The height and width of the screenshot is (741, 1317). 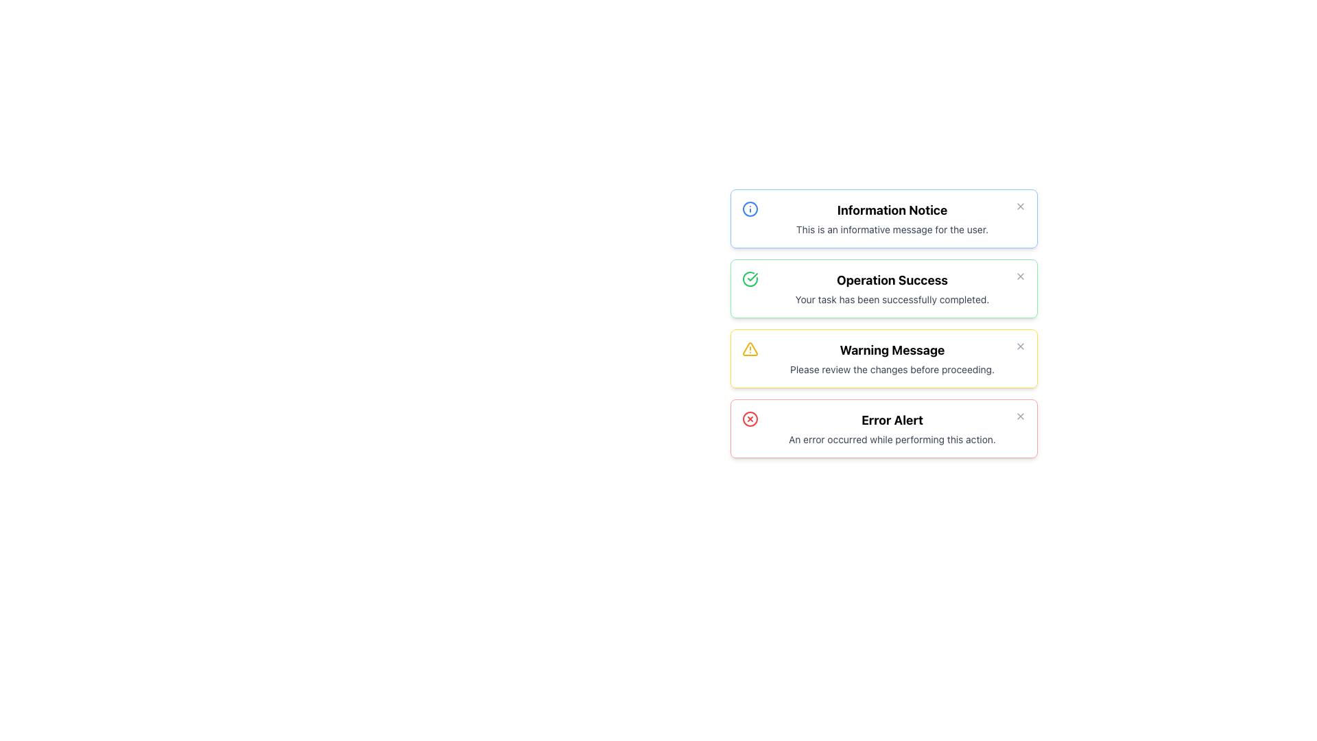 I want to click on the button resembling a small cross (X) styled in light gray, located at the top-right corner of the success message card, to change its color, so click(x=1021, y=276).